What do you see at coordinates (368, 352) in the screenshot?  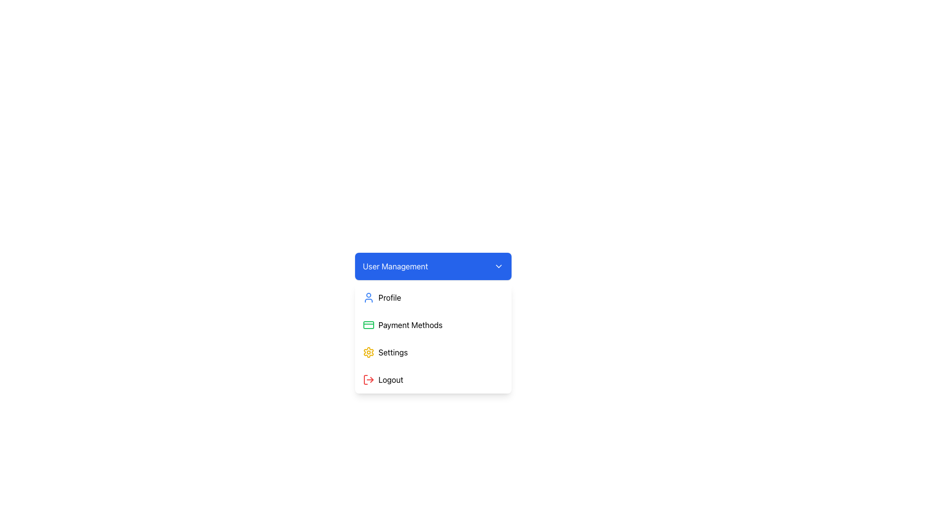 I see `the 'Settings' icon located in the third row of the dropdown menu, adjacent to the text labeled 'Settings'` at bounding box center [368, 352].